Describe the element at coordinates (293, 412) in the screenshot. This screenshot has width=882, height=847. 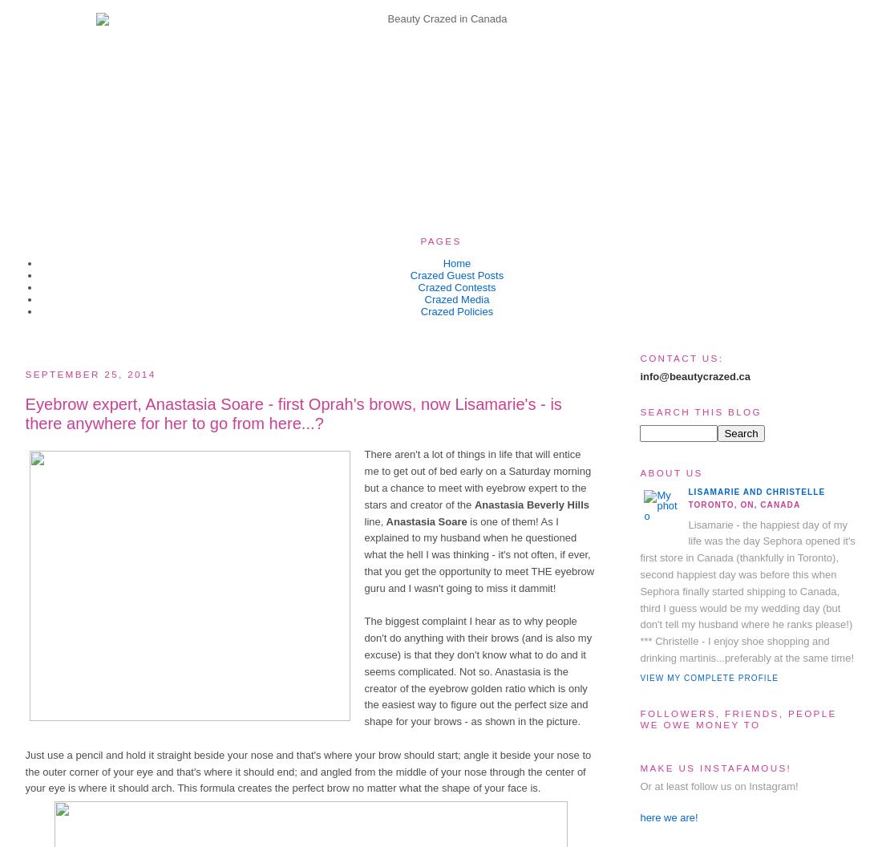
I see `'Eyebrow expert, Anastasia Soare - first Oprah's brows, now Lisamarie's - is there anywhere for her to go from here...?'` at that location.